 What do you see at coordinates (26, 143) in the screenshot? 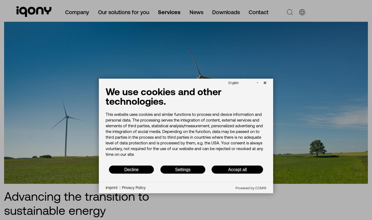
I see `'Renewables'` at bounding box center [26, 143].